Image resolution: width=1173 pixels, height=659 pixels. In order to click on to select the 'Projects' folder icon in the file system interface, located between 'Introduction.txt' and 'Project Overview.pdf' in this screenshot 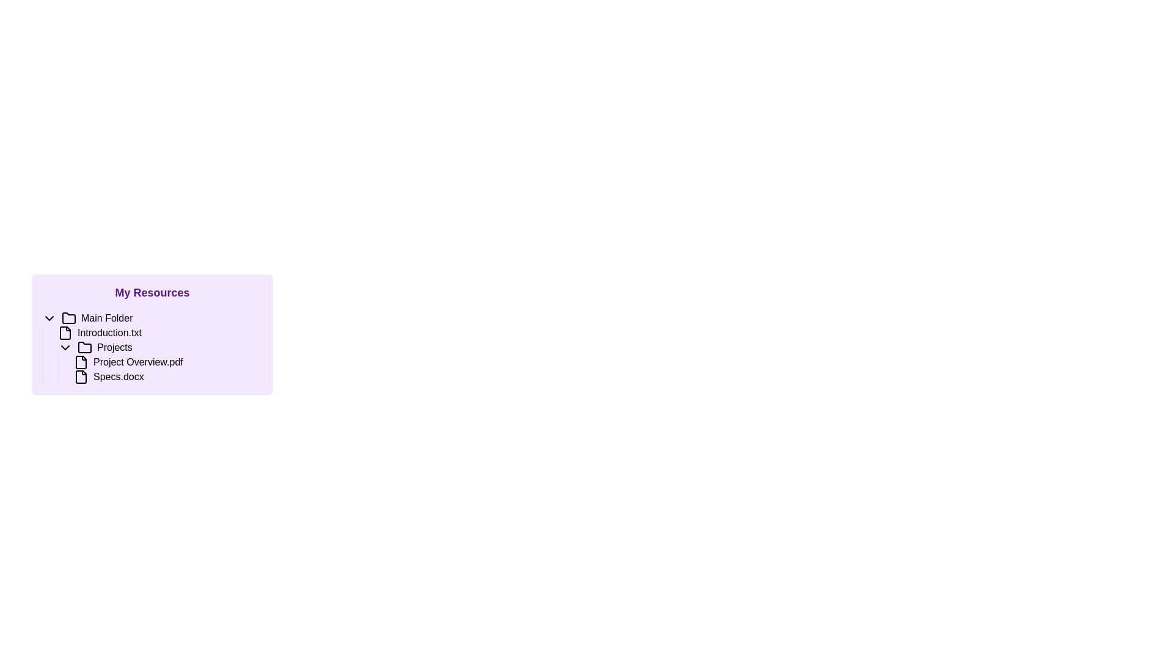, I will do `click(84, 347)`.